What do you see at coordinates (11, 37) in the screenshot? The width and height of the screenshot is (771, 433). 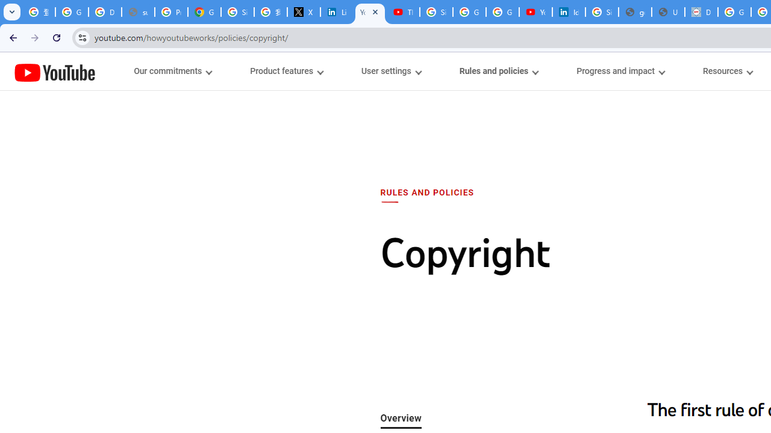 I see `'Back'` at bounding box center [11, 37].